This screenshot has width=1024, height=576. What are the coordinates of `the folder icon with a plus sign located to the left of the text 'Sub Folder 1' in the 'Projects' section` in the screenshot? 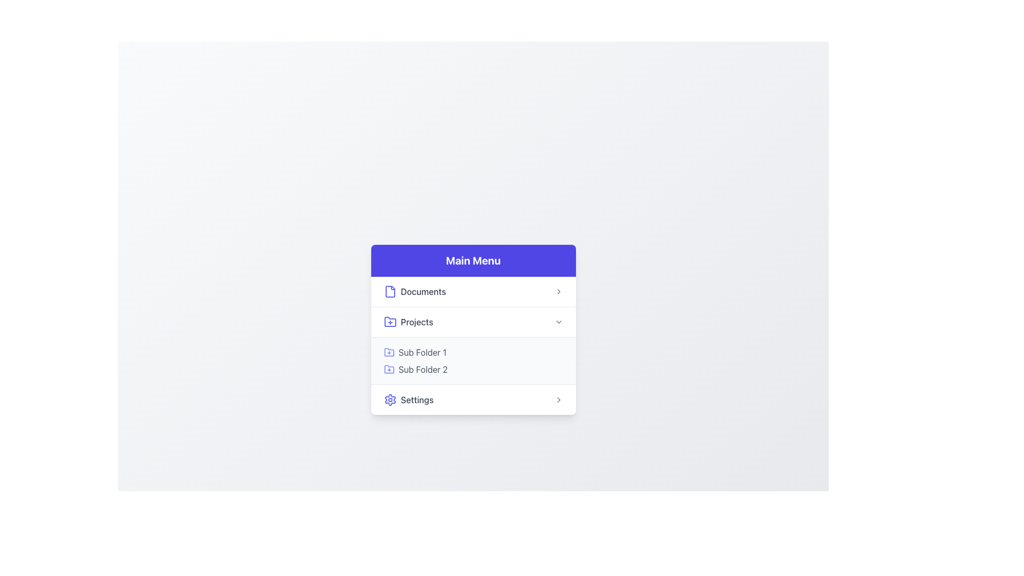 It's located at (388, 352).